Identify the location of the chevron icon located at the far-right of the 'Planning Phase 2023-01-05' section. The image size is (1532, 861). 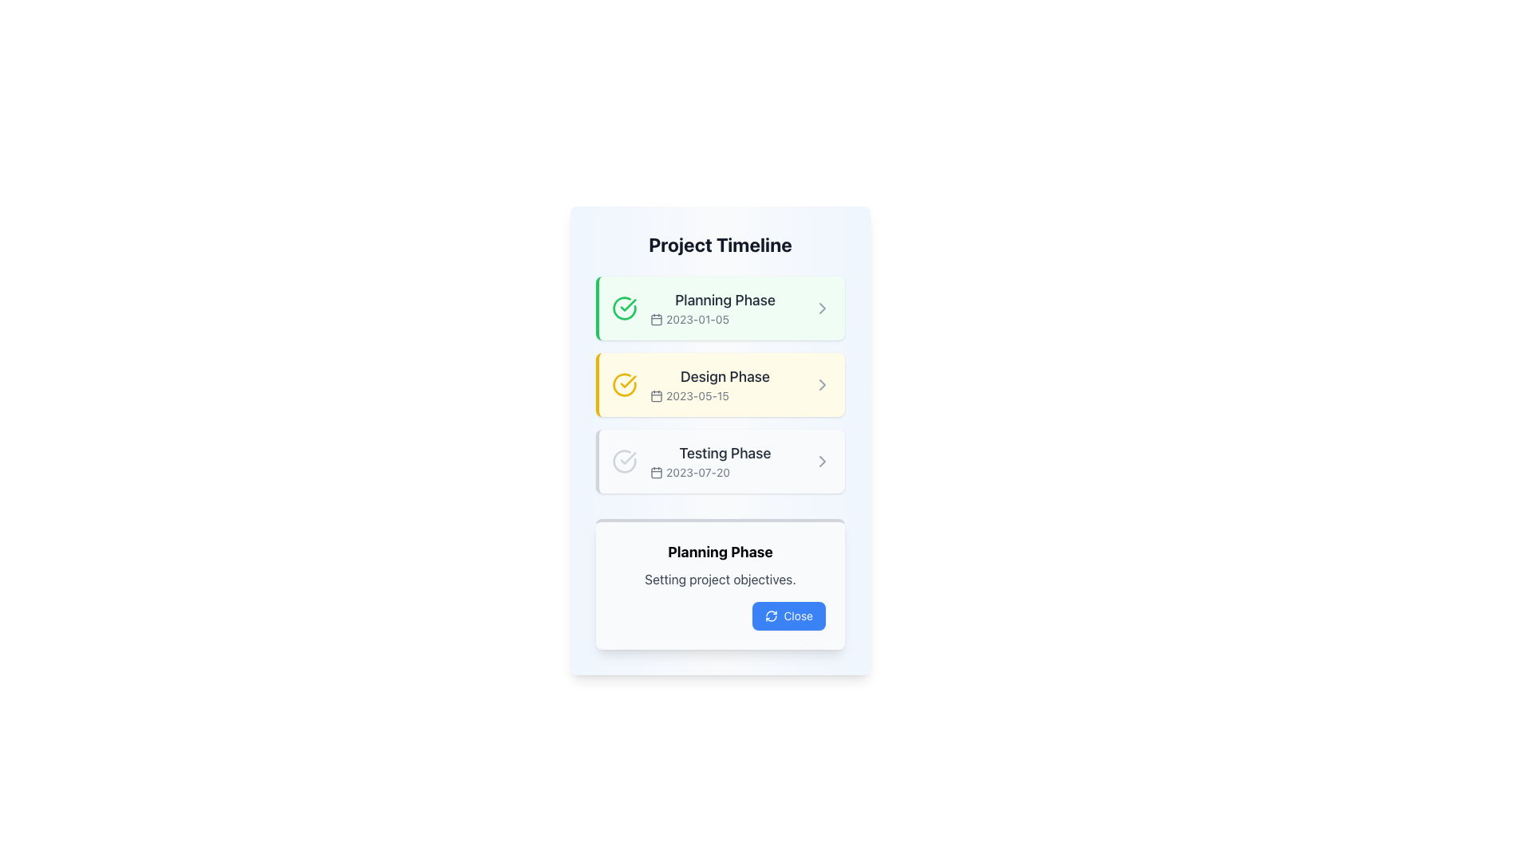
(823, 308).